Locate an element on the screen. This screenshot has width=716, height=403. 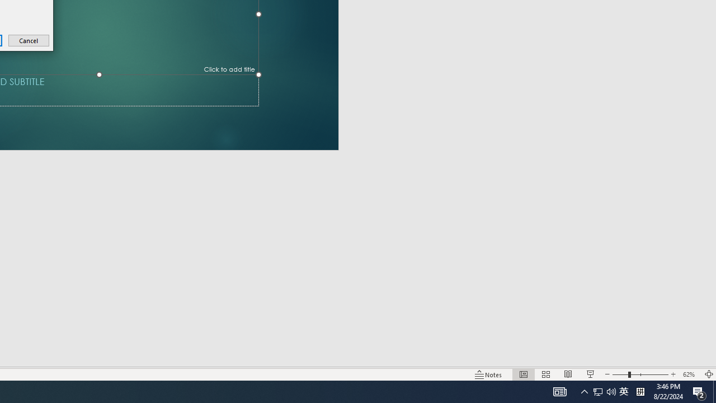
'Cancel' is located at coordinates (29, 40).